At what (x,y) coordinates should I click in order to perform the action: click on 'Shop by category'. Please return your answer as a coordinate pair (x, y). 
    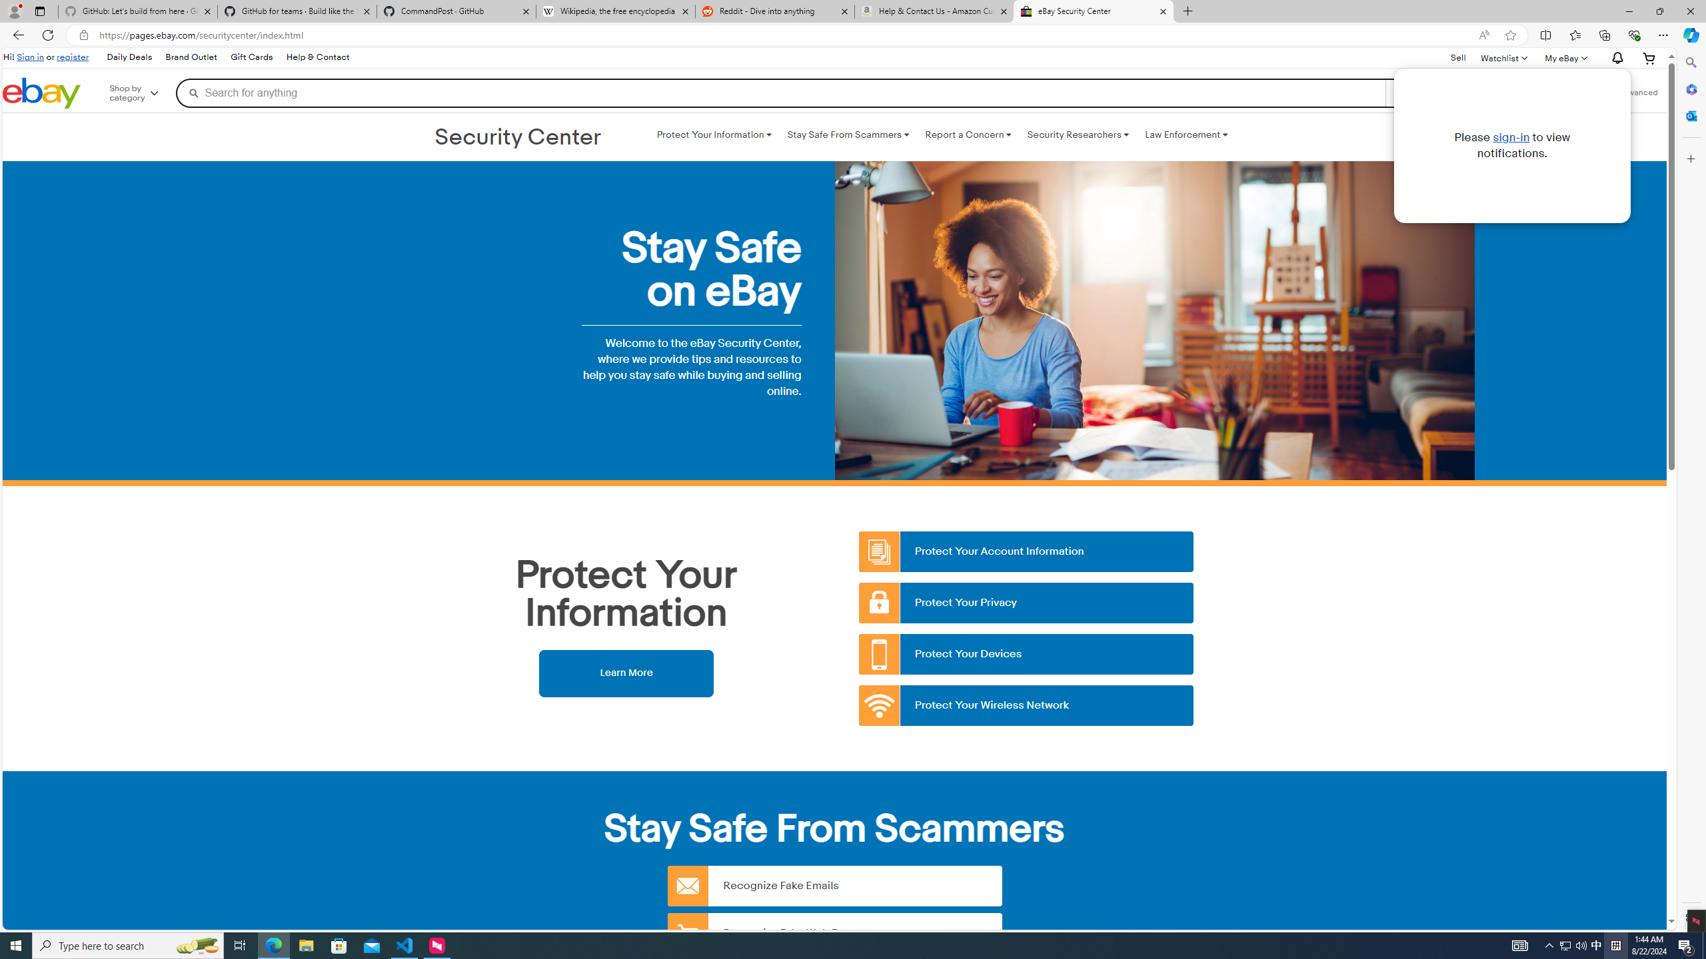
    Looking at the image, I should click on (143, 92).